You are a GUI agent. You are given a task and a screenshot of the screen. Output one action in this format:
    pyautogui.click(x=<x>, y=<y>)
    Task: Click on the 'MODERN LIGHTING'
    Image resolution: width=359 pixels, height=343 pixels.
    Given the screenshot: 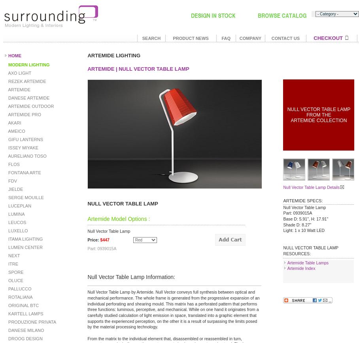 What is the action you would take?
    pyautogui.click(x=28, y=64)
    